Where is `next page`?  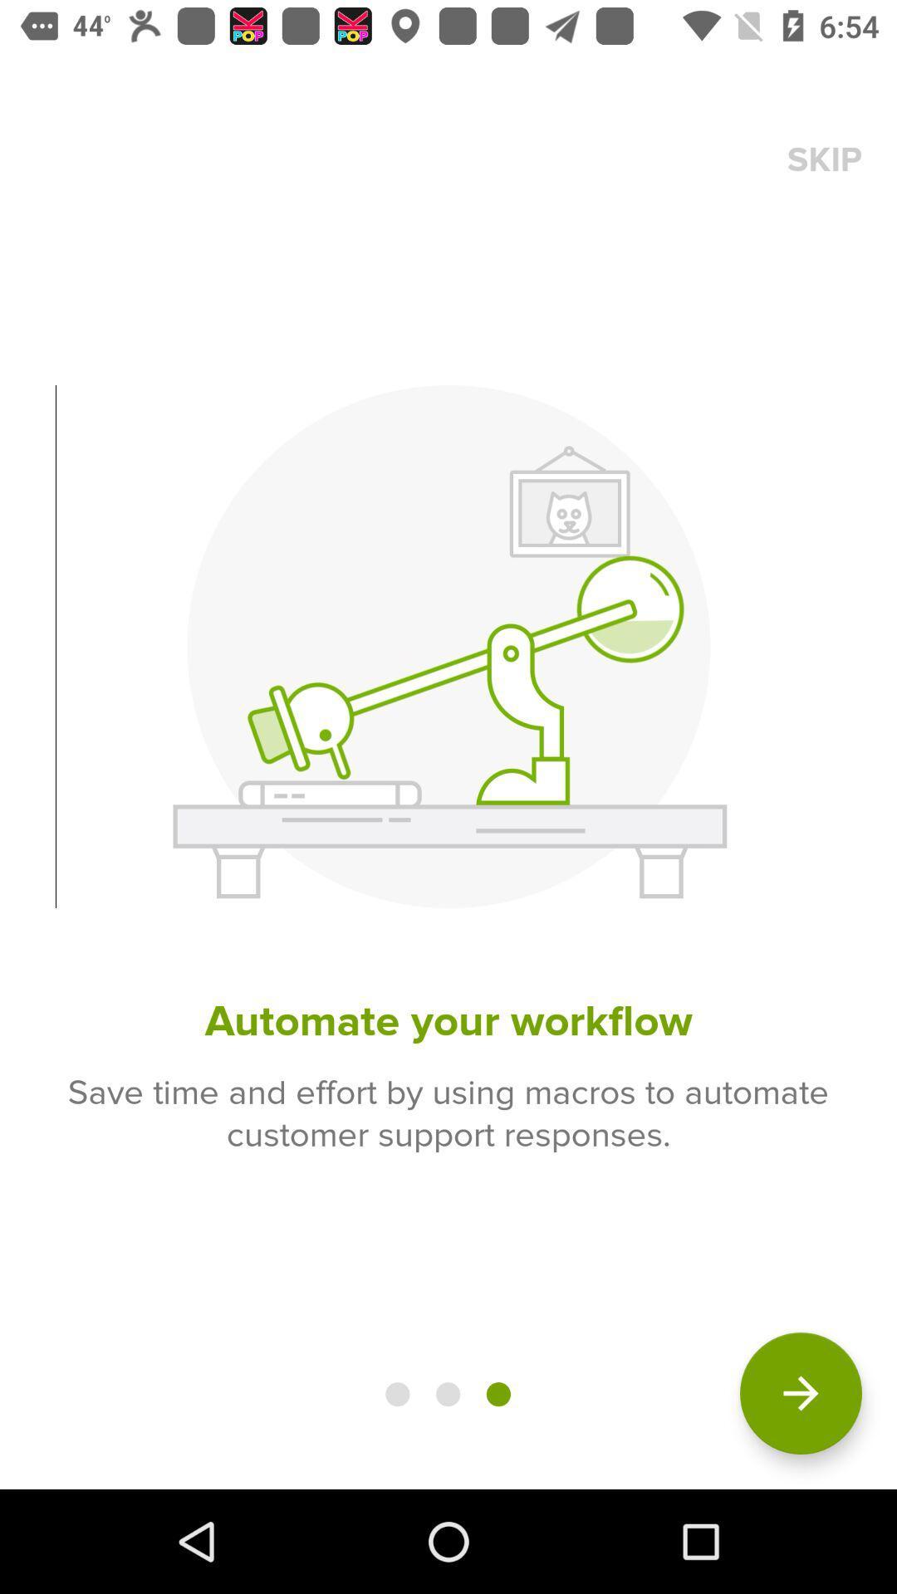 next page is located at coordinates (800, 1393).